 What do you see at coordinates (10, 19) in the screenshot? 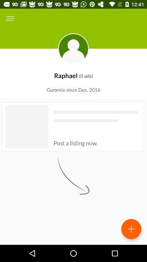
I see `icon above gummie since dec icon` at bounding box center [10, 19].